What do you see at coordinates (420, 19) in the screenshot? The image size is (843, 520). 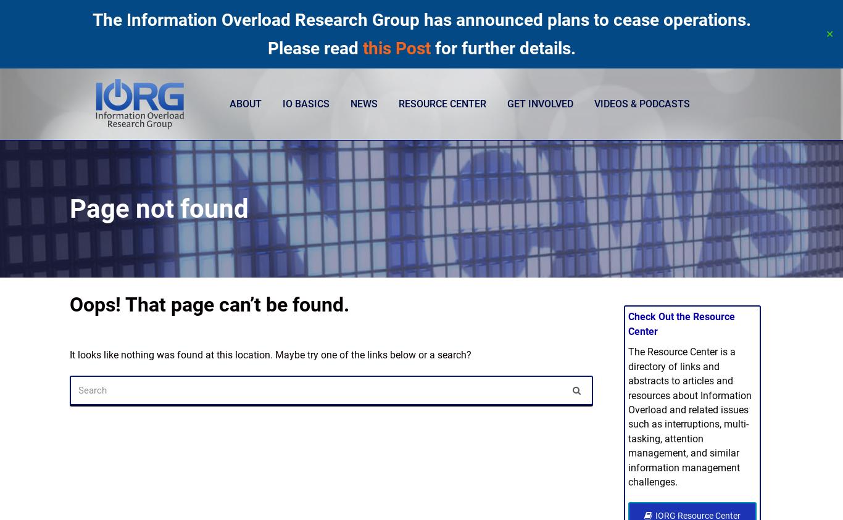 I see `'The Information Overload Research Group has announced plans to cease operations.'` at bounding box center [420, 19].